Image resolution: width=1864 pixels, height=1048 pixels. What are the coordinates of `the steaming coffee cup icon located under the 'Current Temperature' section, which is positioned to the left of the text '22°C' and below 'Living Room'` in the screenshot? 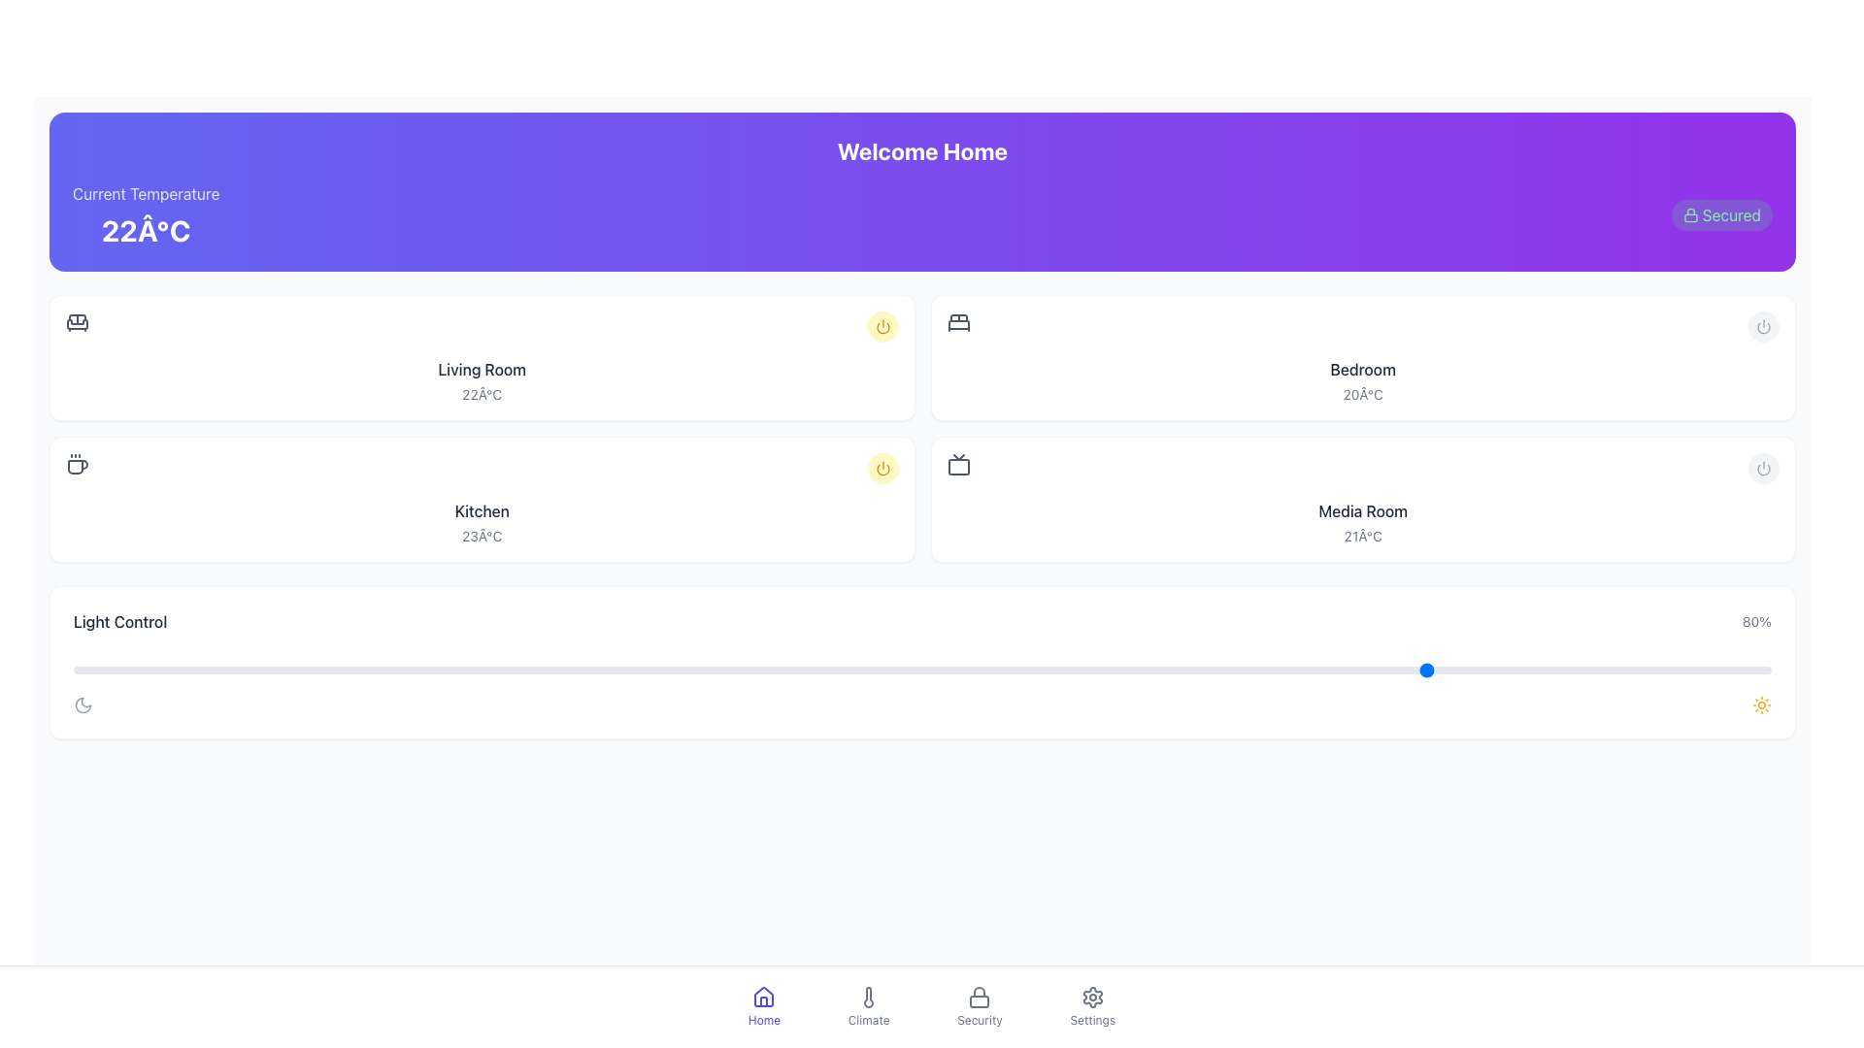 It's located at (78, 464).